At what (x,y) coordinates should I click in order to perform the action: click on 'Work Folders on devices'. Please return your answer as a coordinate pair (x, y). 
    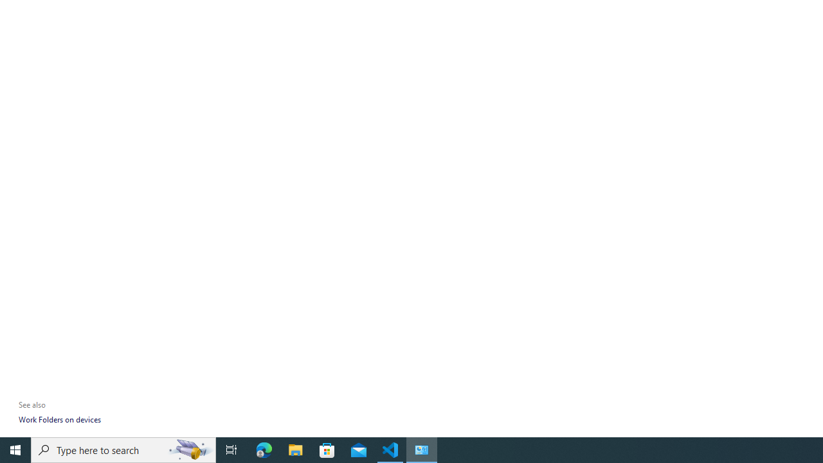
    Looking at the image, I should click on (59, 419).